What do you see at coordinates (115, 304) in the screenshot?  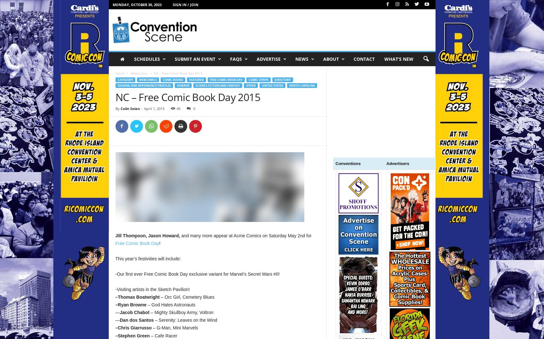 I see `'–Ryan Browne'` at bounding box center [115, 304].